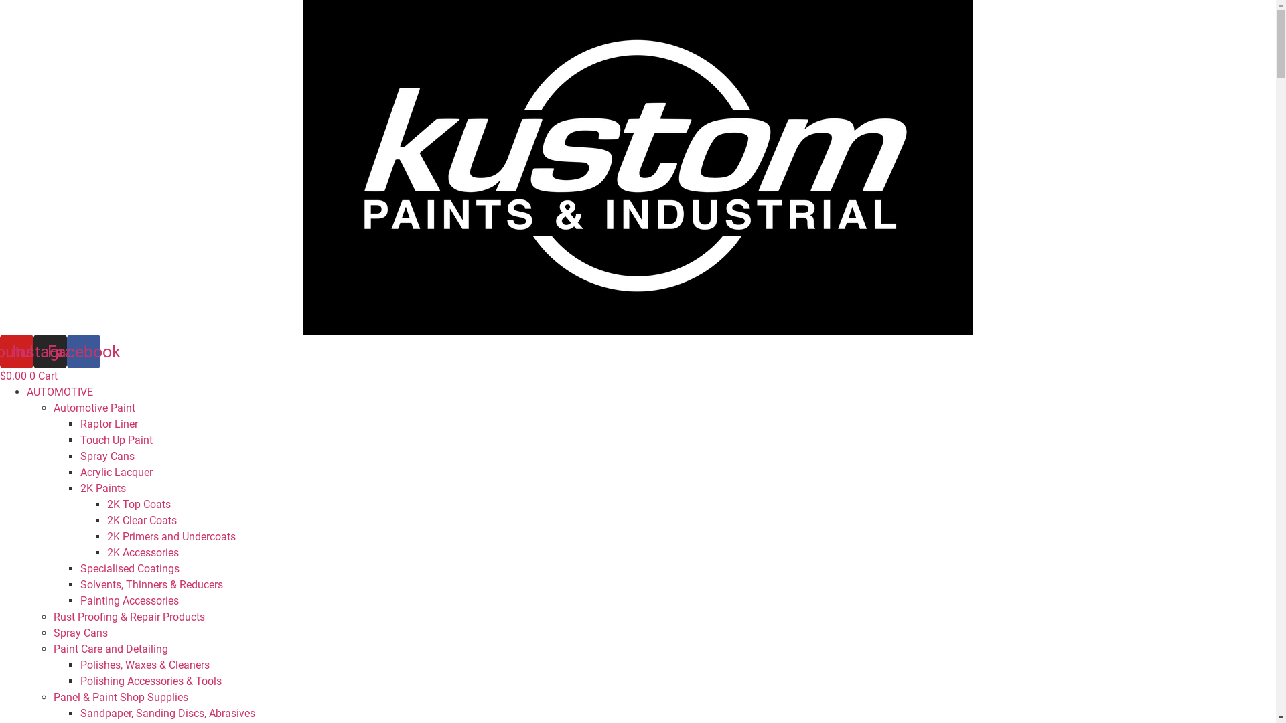 This screenshot has height=723, width=1286. What do you see at coordinates (170, 536) in the screenshot?
I see `'2K Primers and Undercoats'` at bounding box center [170, 536].